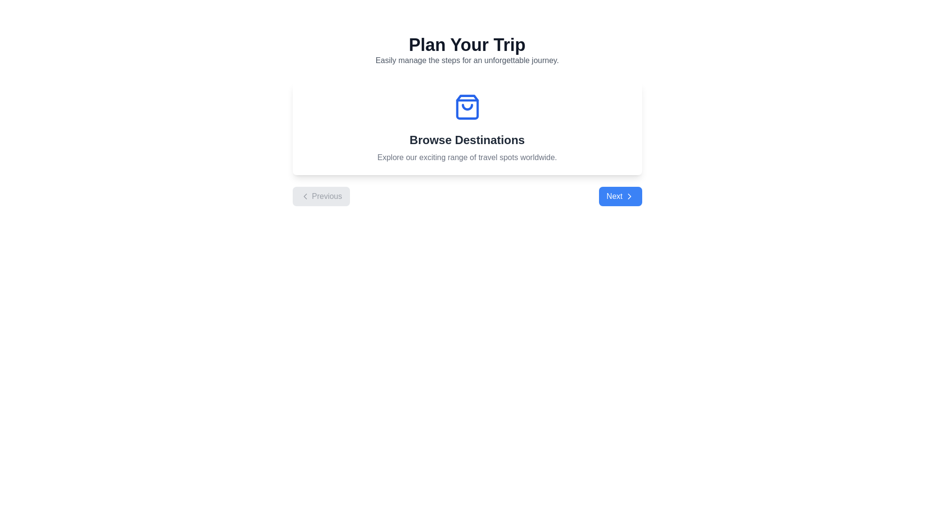 Image resolution: width=932 pixels, height=524 pixels. What do you see at coordinates (629, 196) in the screenshot?
I see `the rightward-facing chevron icon (>) within the blue 'Next' button` at bounding box center [629, 196].